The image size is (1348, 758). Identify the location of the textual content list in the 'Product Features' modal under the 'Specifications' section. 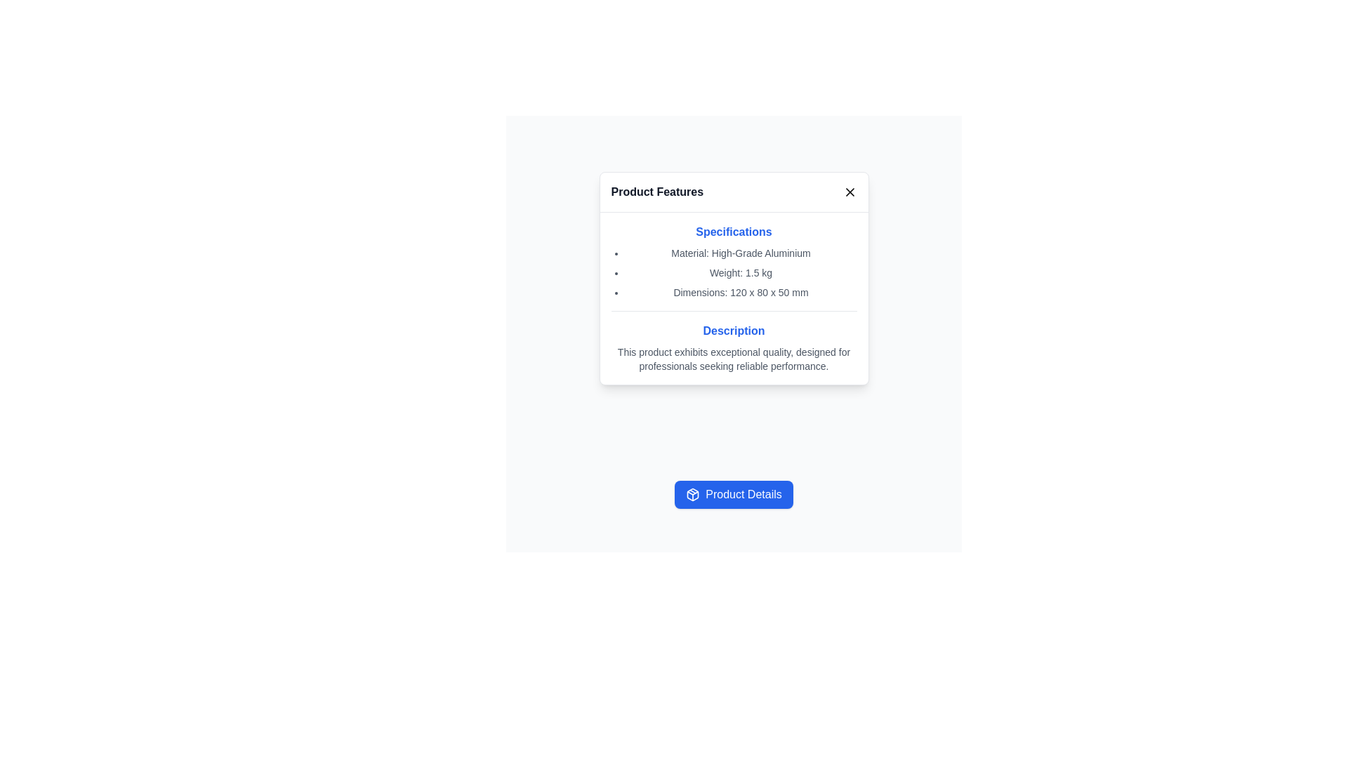
(733, 270).